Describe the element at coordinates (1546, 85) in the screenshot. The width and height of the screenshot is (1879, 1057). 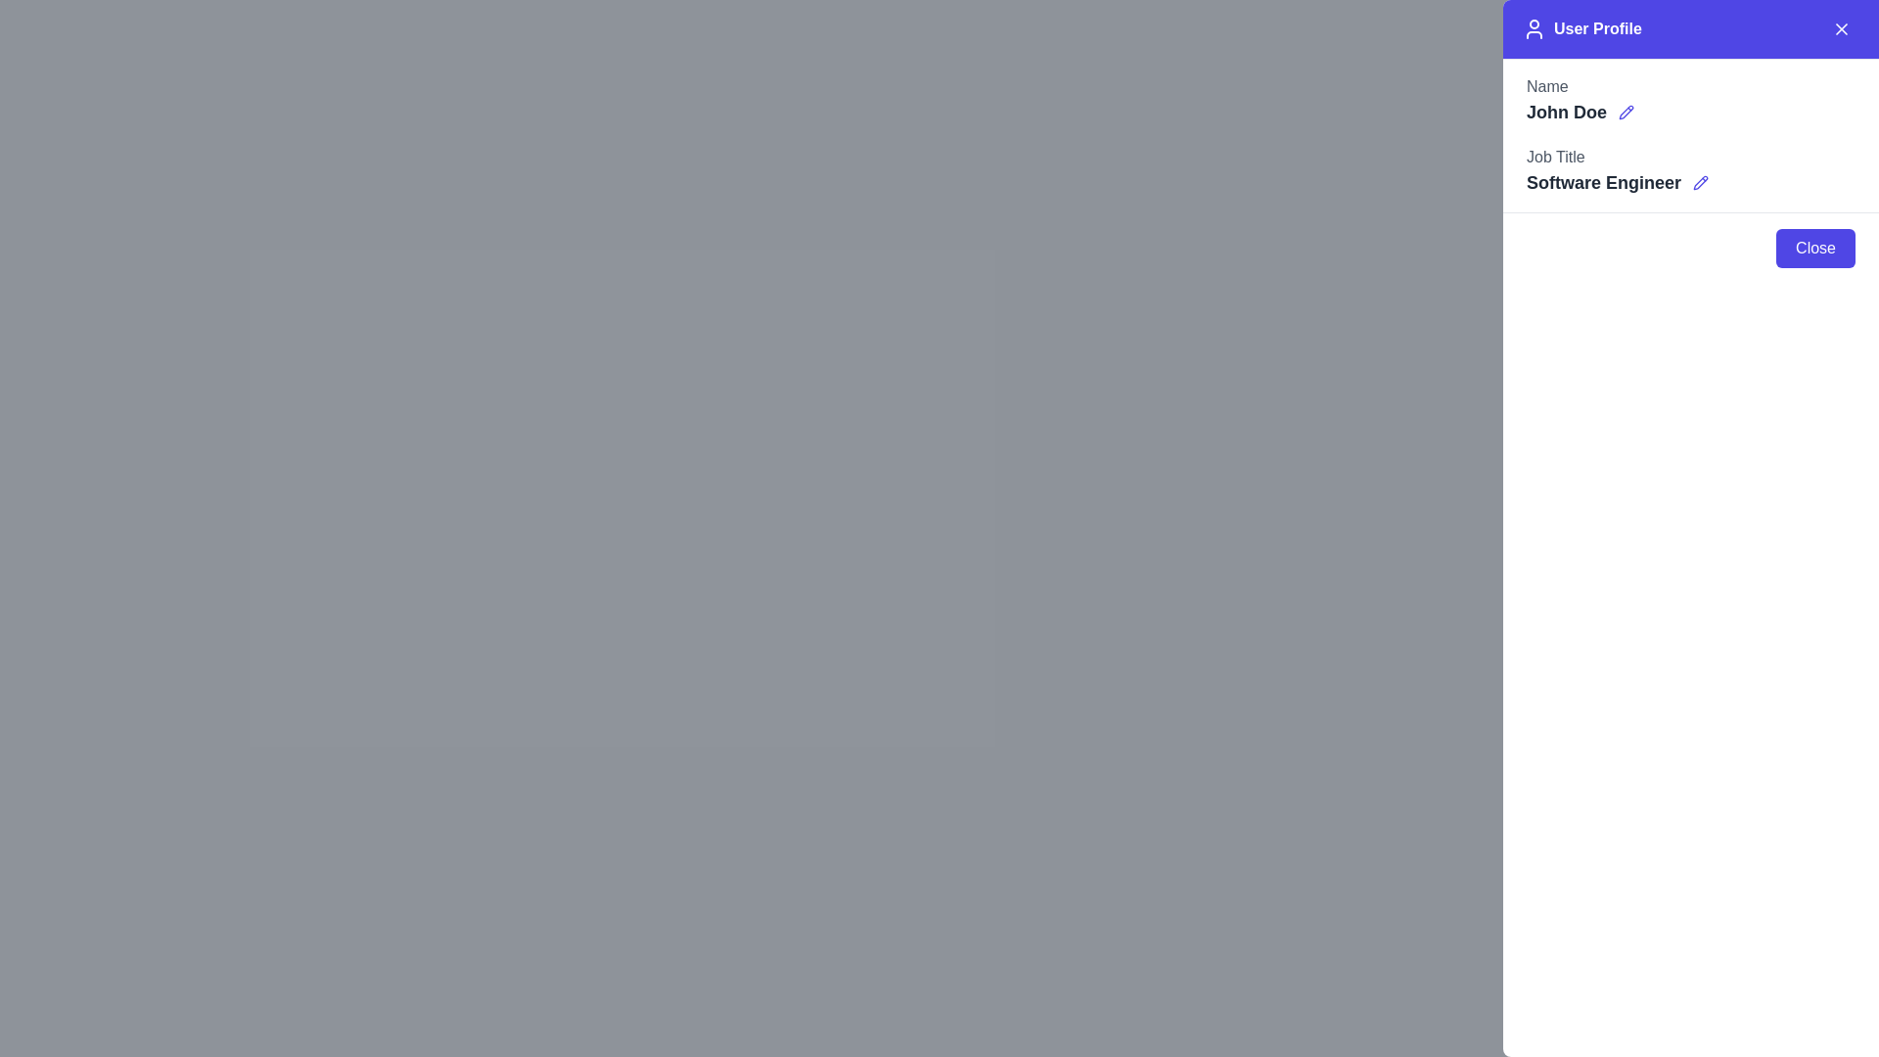
I see `the static text label displaying 'Name', which is positioned above the user name 'John Doe' in the 'User Profile' section` at that location.